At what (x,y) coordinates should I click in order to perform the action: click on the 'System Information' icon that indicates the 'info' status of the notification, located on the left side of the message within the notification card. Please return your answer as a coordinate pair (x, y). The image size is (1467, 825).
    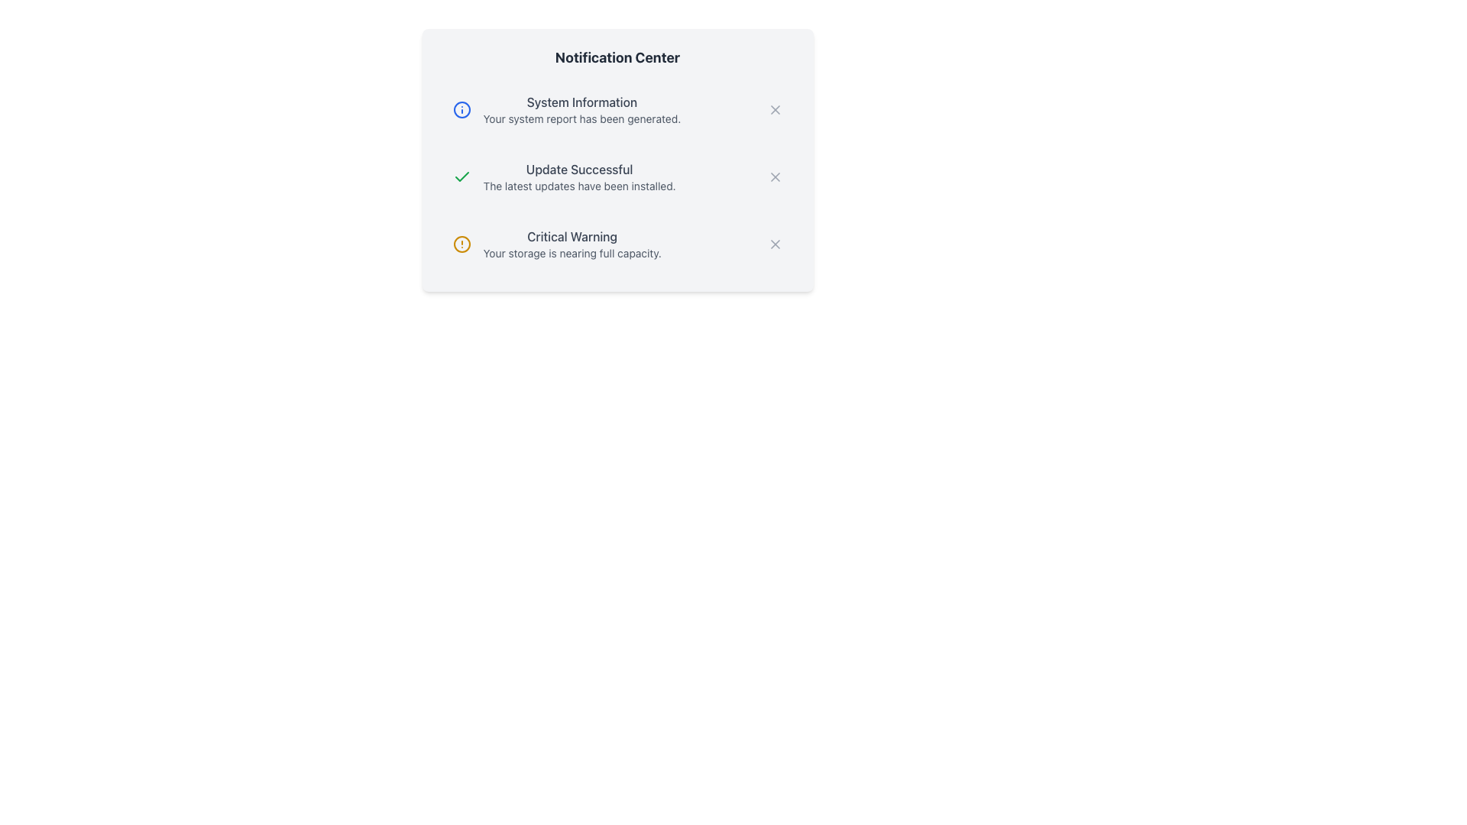
    Looking at the image, I should click on (461, 108).